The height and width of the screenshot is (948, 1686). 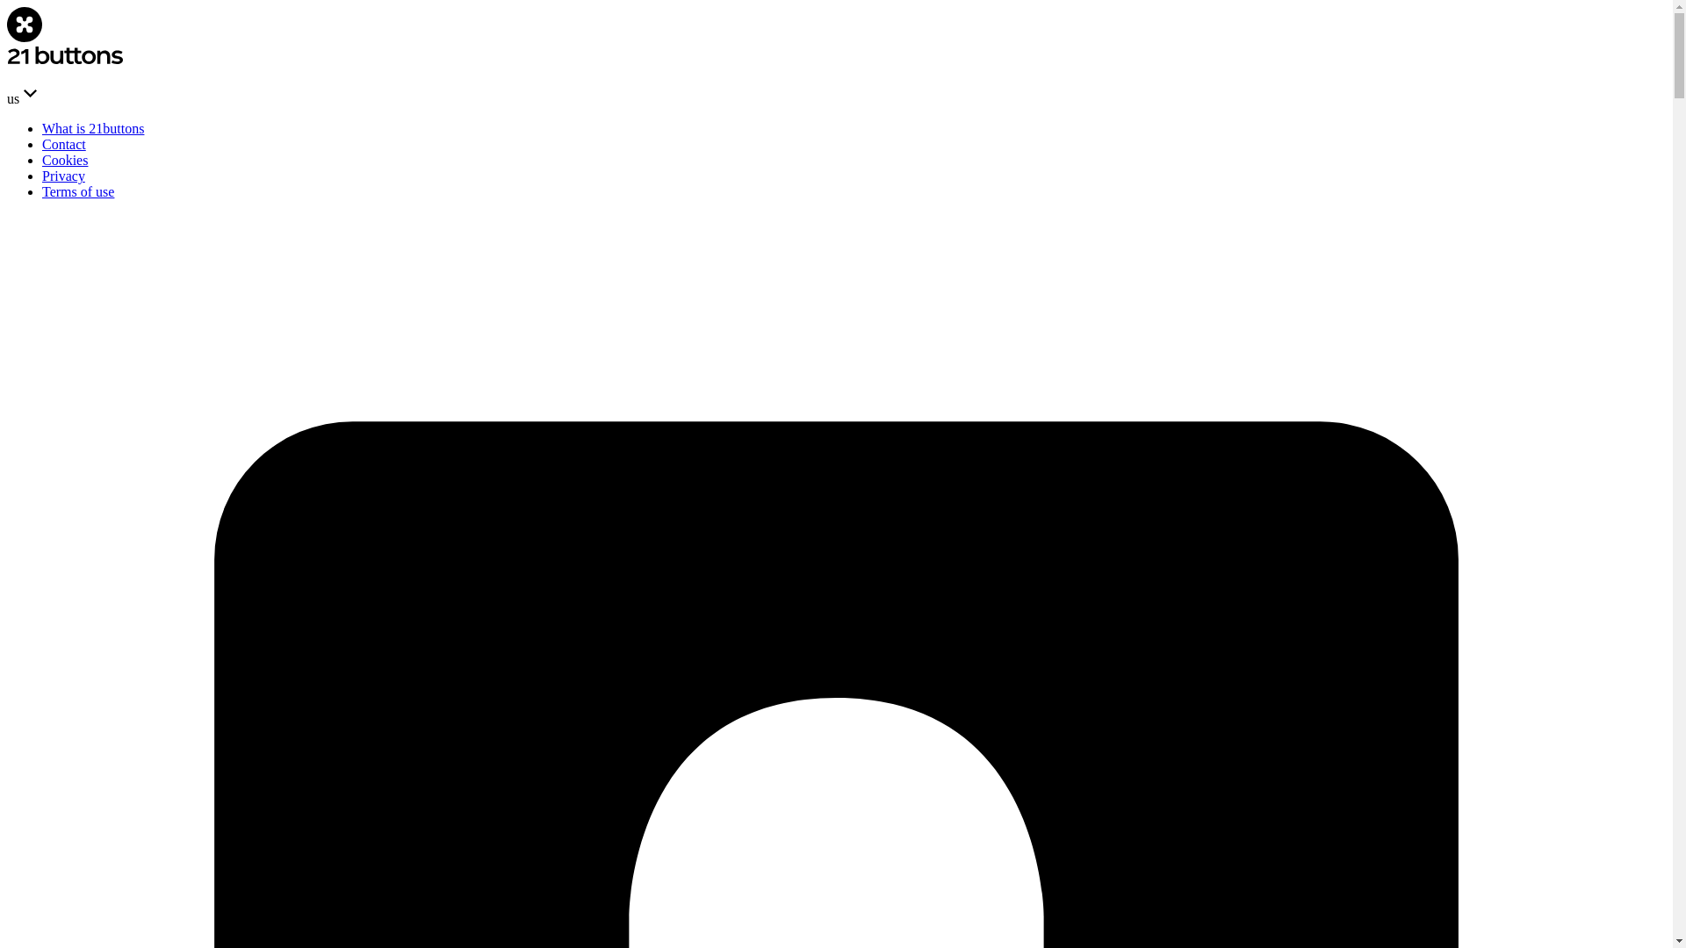 I want to click on 'Terms of use', so click(x=77, y=191).